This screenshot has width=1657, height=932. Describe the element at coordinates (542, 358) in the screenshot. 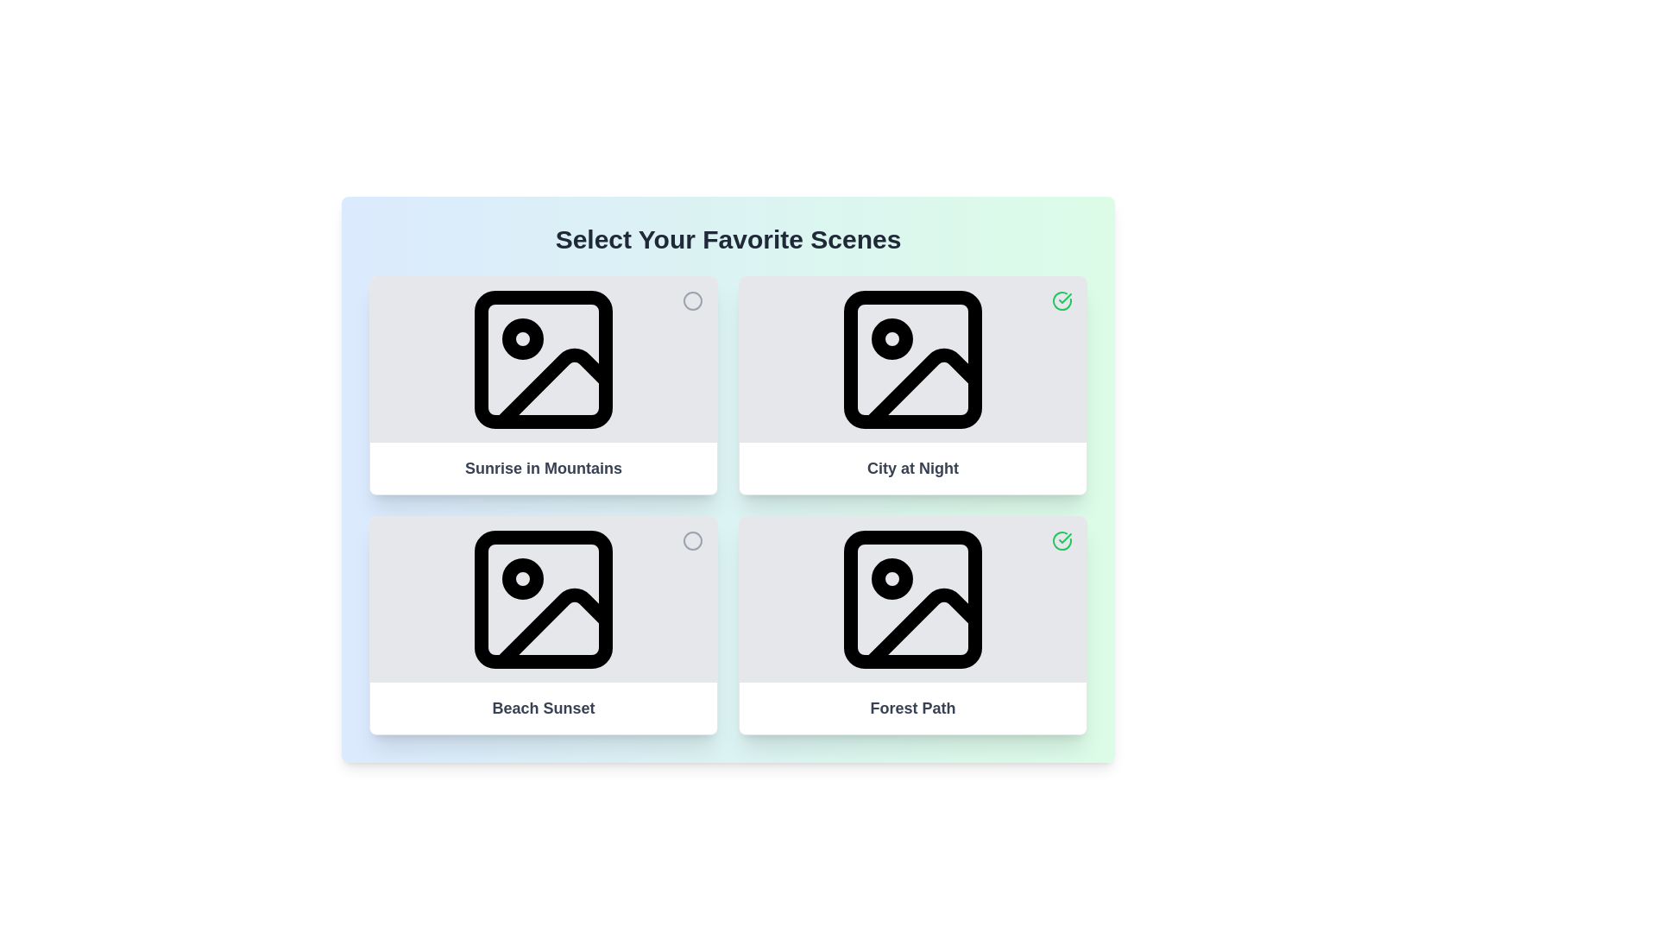

I see `the image of the media item titled 'Sunrise in Mountains' by interacting with its corresponding image element` at that location.